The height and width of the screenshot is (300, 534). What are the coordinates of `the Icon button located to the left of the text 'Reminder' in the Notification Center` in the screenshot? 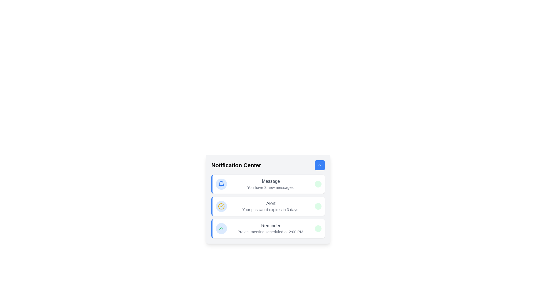 It's located at (221, 228).